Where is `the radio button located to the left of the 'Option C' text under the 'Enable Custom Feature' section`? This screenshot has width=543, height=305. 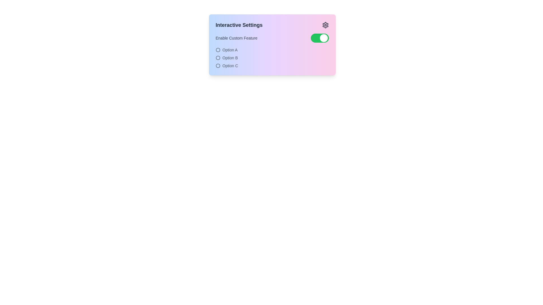 the radio button located to the left of the 'Option C' text under the 'Enable Custom Feature' section is located at coordinates (217, 65).